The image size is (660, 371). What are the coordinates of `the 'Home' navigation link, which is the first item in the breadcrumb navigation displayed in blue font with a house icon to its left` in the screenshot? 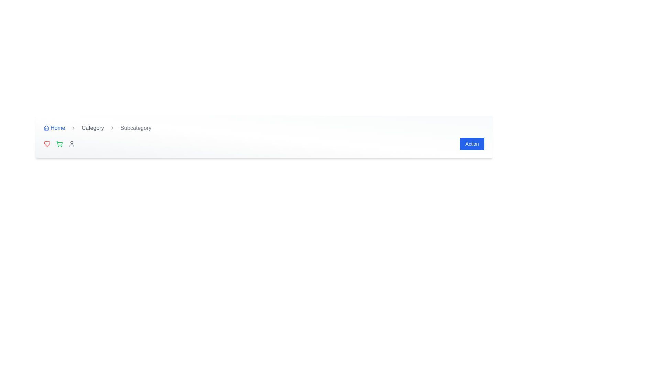 It's located at (54, 128).